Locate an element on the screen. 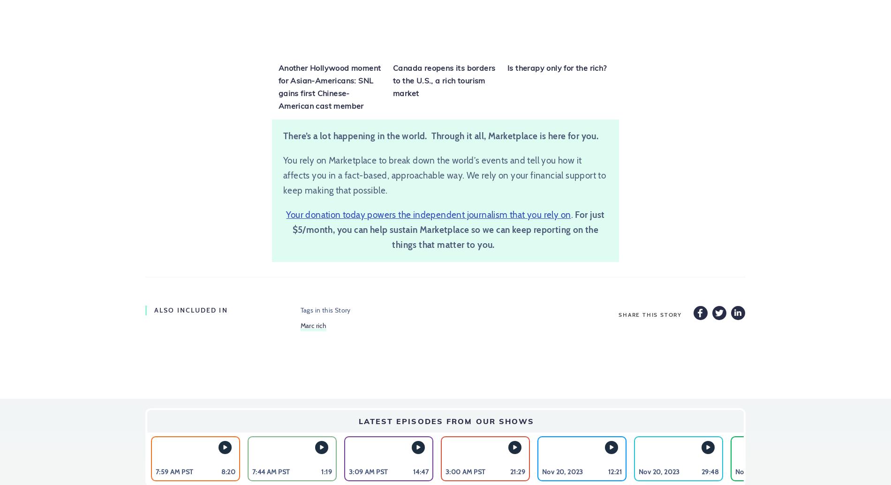  '14:47' is located at coordinates (413, 471).